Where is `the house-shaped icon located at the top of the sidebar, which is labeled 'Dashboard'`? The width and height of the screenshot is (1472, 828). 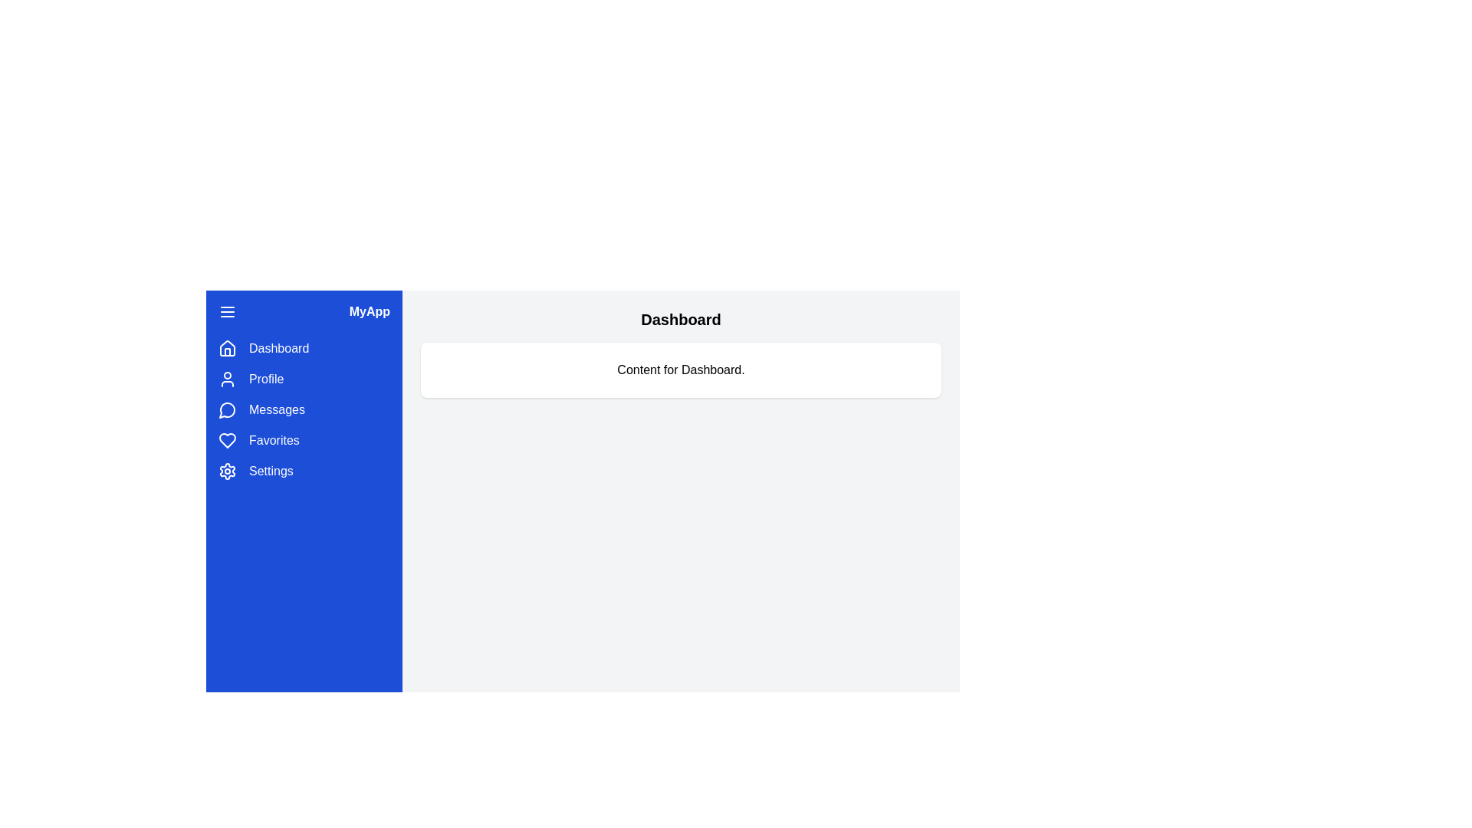
the house-shaped icon located at the top of the sidebar, which is labeled 'Dashboard' is located at coordinates (227, 349).